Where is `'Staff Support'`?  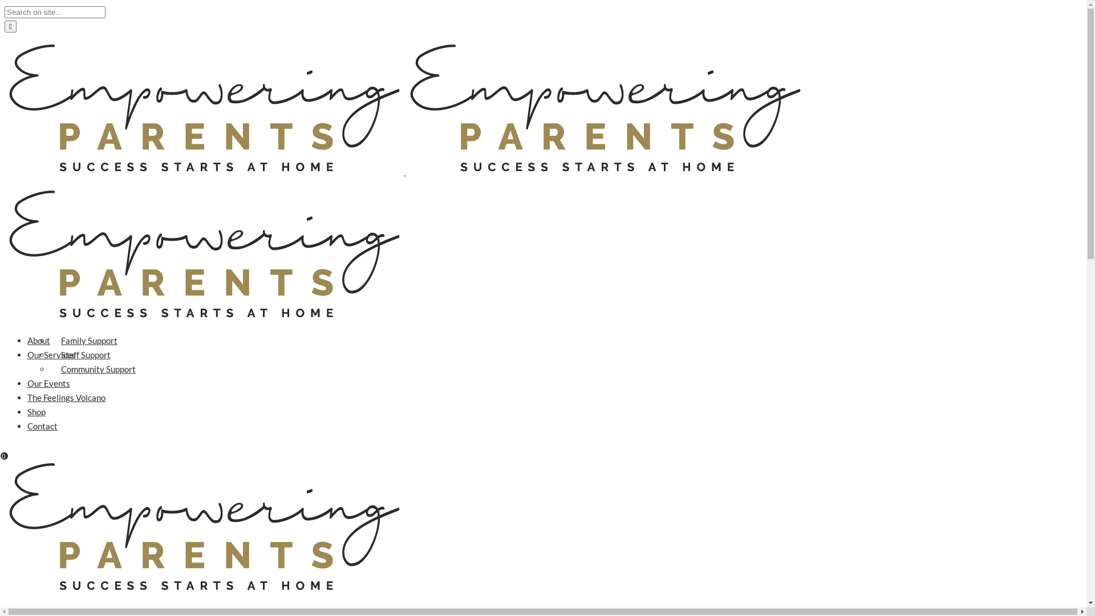
'Staff Support' is located at coordinates (85, 354).